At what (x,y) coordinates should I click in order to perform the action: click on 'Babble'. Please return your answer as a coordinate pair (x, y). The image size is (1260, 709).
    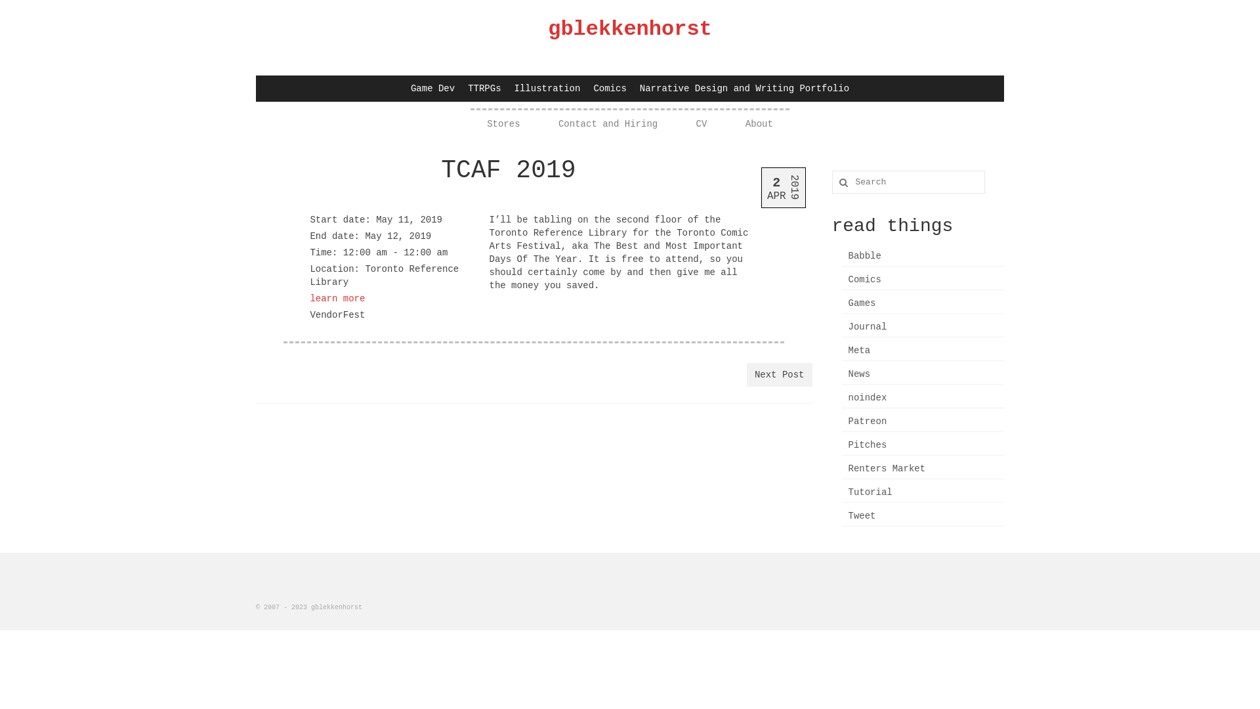
    Looking at the image, I should click on (922, 256).